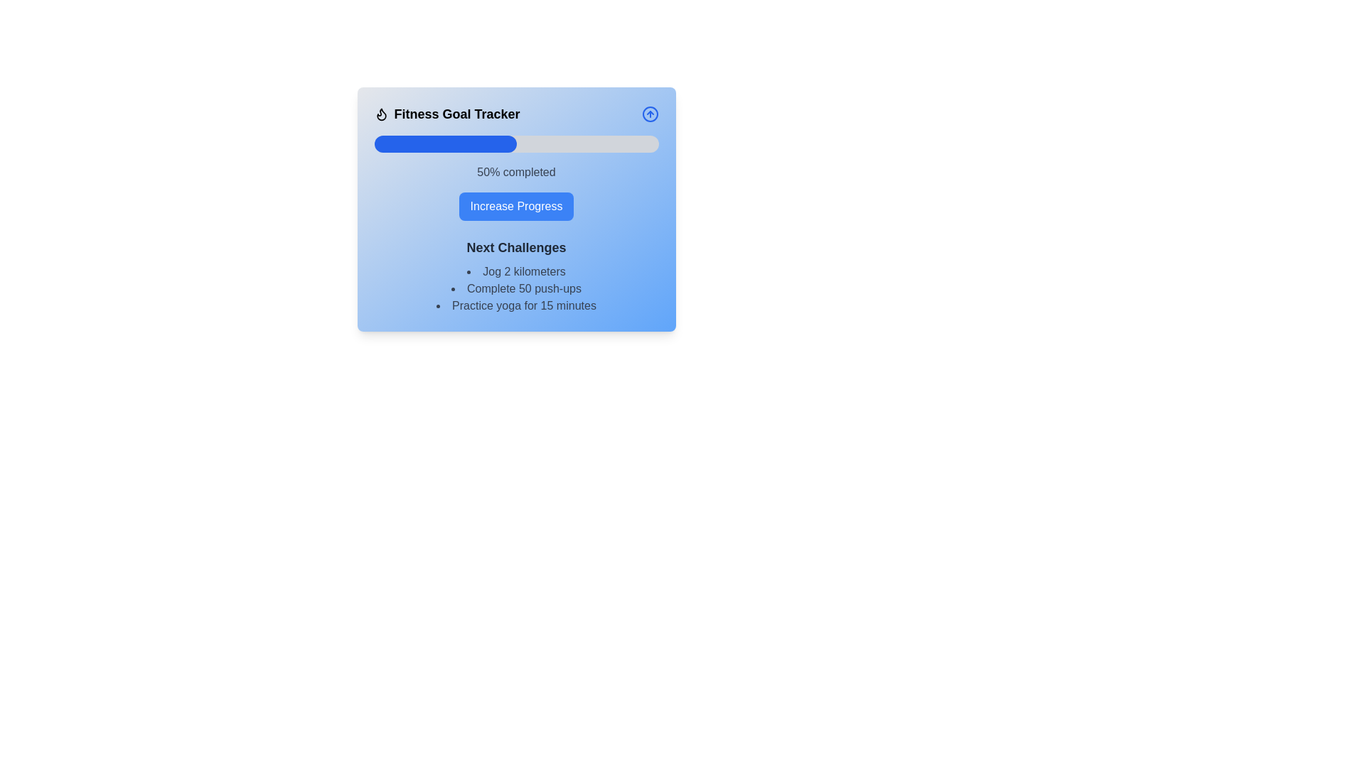 The width and height of the screenshot is (1365, 767). What do you see at coordinates (381, 114) in the screenshot?
I see `the flame icon located to the left of the 'Fitness Goal Tracker' title in the header section` at bounding box center [381, 114].